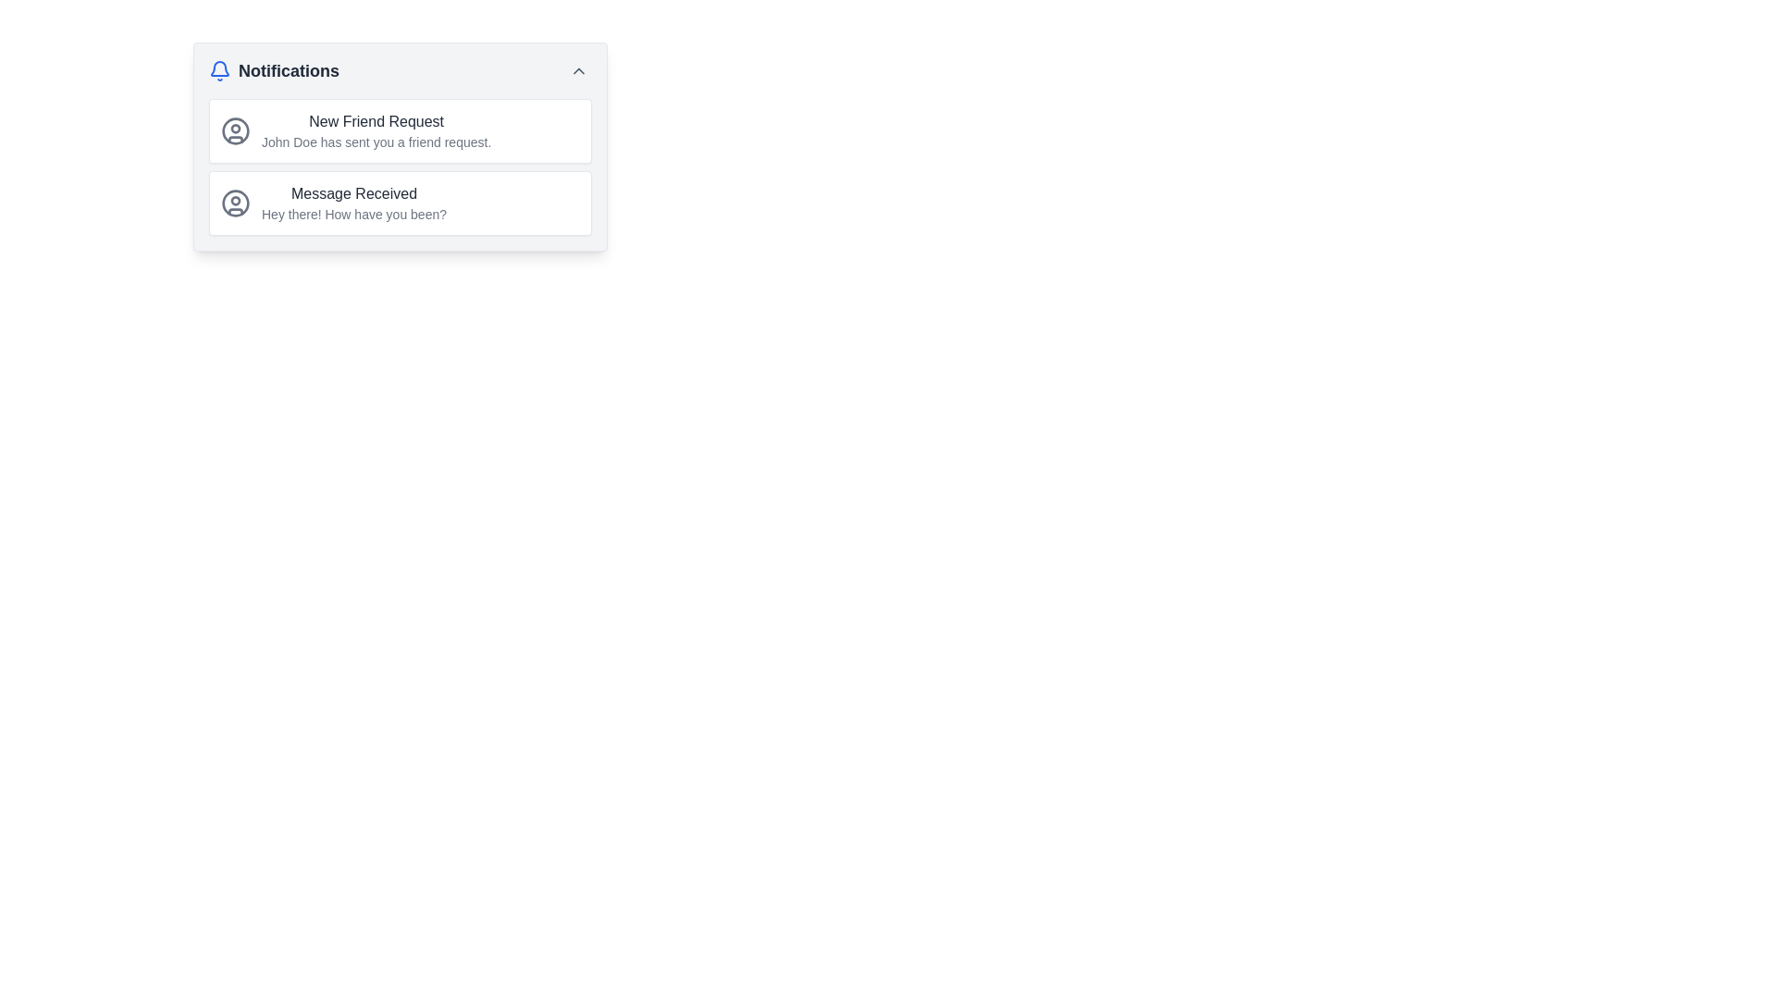  Describe the element at coordinates (577, 70) in the screenshot. I see `the button located in the top-right corner of the notifications bar, to the far right of the text 'Notifications'` at that location.